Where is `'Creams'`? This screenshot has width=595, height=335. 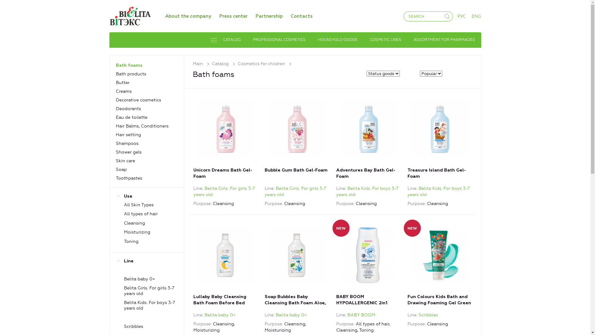 'Creams' is located at coordinates (124, 91).